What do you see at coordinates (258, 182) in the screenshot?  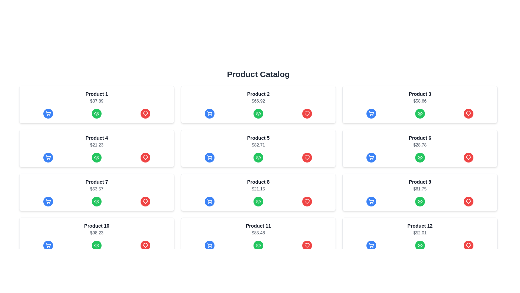 I see `text content of the Text Label displaying 'Product 8' and '$21.15', which is located at the top-center of the card in the second column of the third row` at bounding box center [258, 182].